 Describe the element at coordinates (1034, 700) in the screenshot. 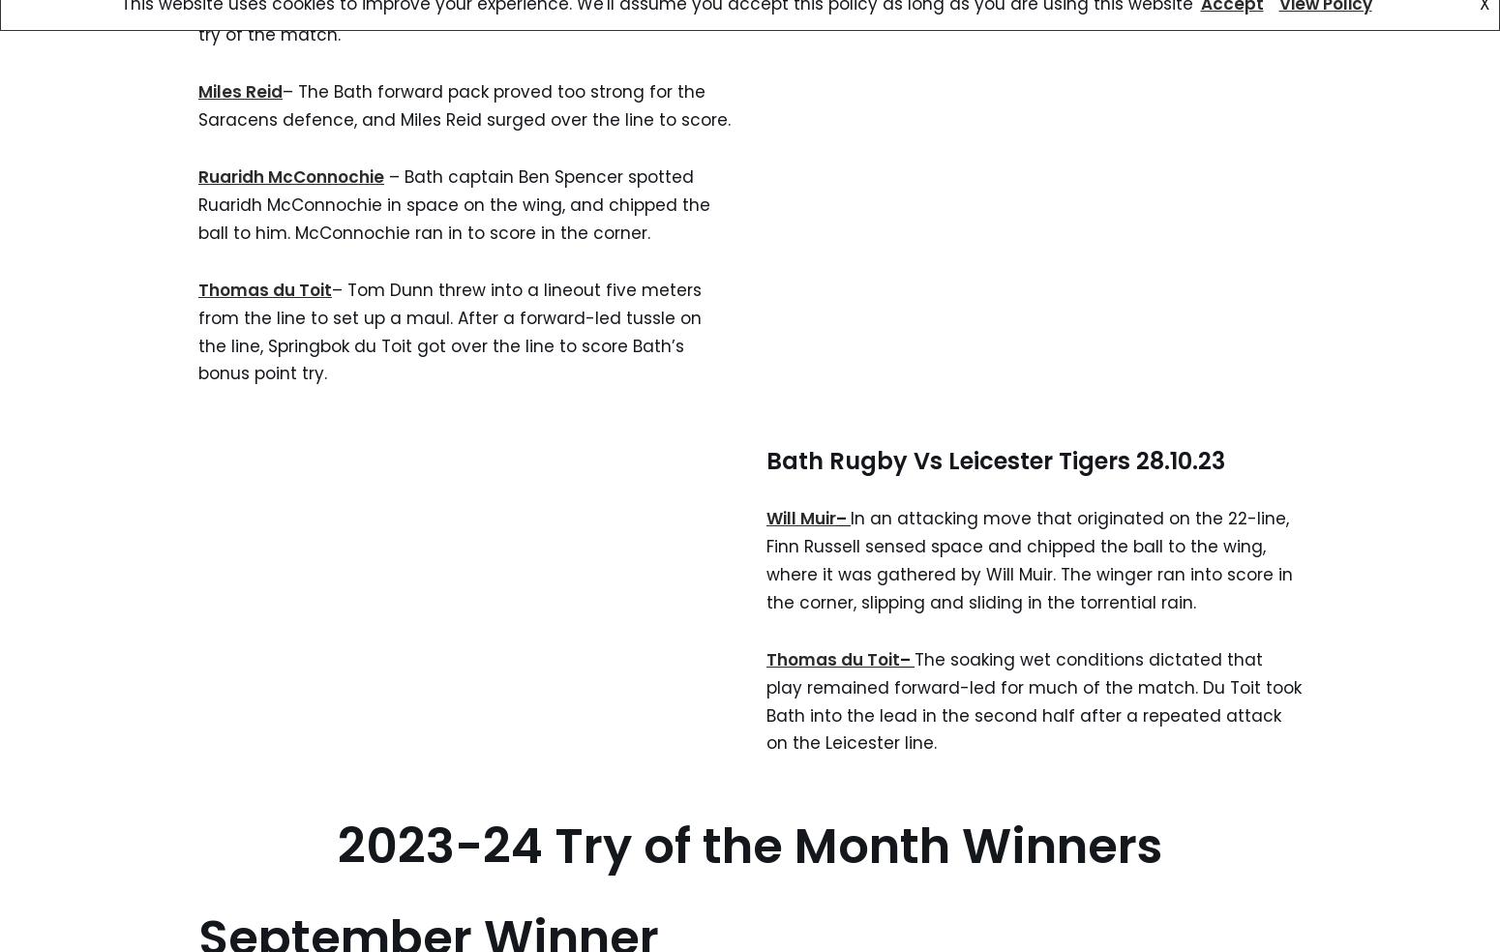

I see `'The soaking wet conditions dictated that play remained forward-led for much of the match. Du Toit took Bath into the lead in the second half after a repeated attack on the Leicester line.'` at that location.